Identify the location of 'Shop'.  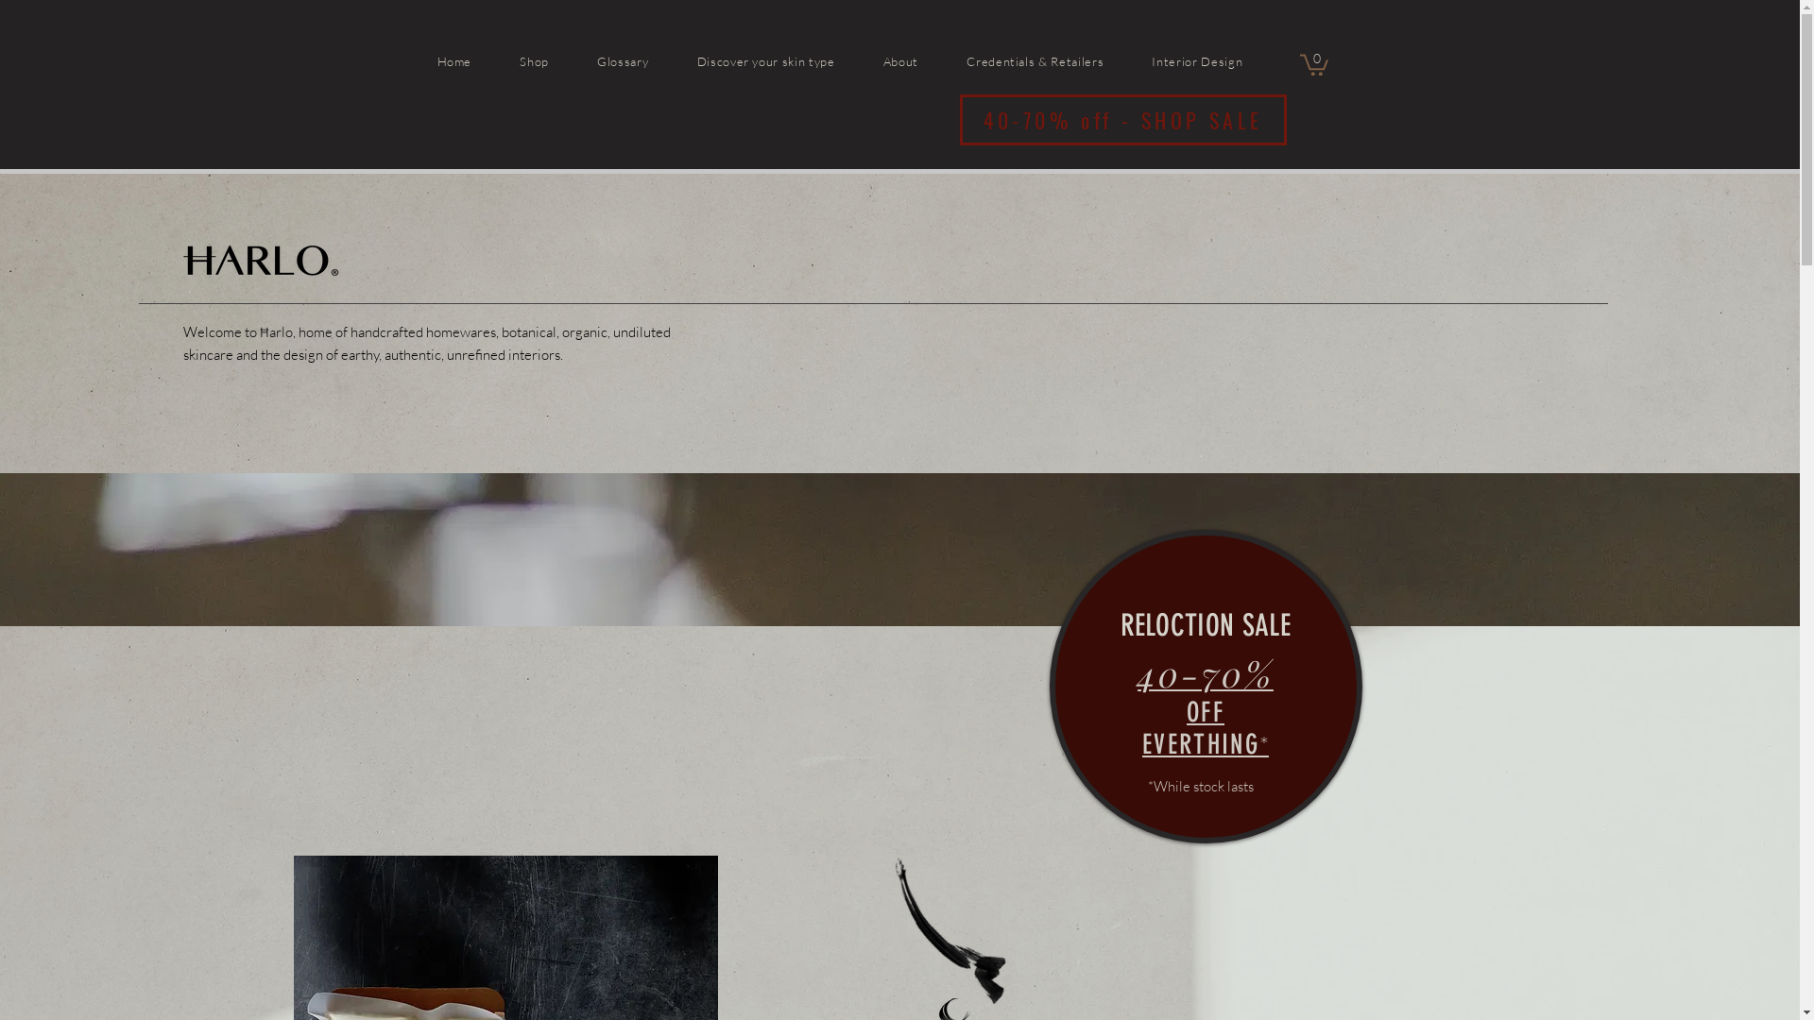
(556, 59).